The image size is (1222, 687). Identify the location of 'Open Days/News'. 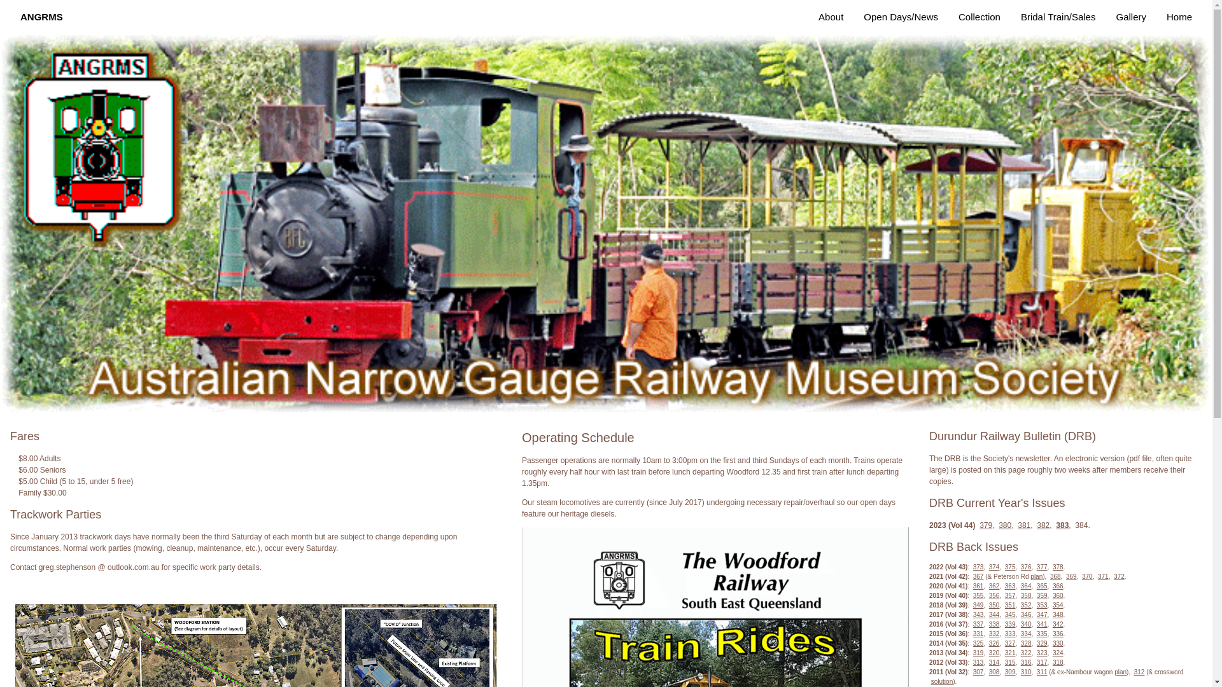
(900, 17).